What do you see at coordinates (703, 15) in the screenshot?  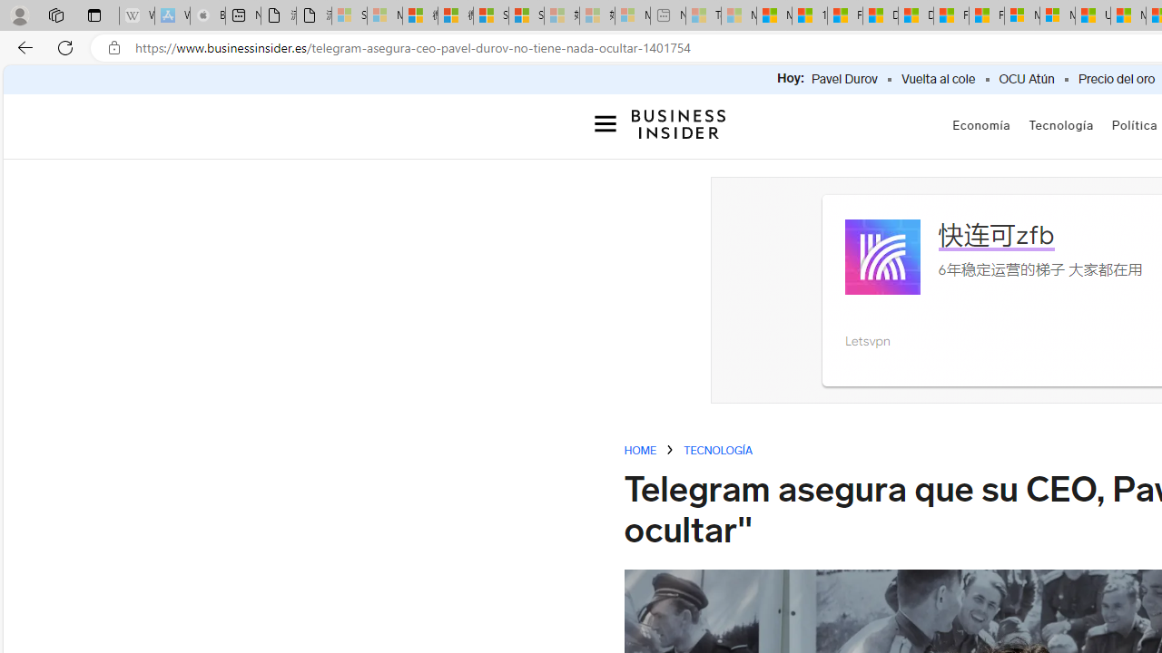 I see `'Top Stories - MSN - Sleeping'` at bounding box center [703, 15].